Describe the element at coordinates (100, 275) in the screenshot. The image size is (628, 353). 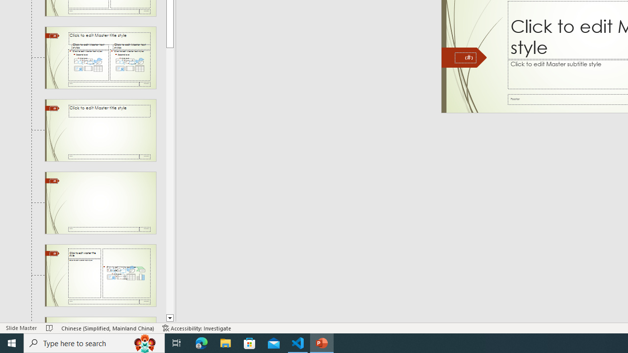
I see `'Slide Content with Caption Layout: used by no slides'` at that location.